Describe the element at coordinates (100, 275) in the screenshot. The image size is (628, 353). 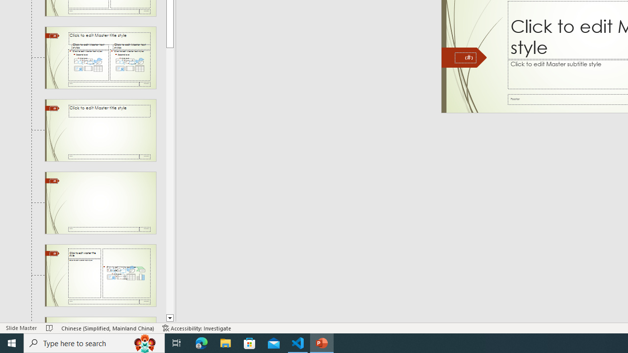
I see `'Slide Content with Caption Layout: used by no slides'` at that location.